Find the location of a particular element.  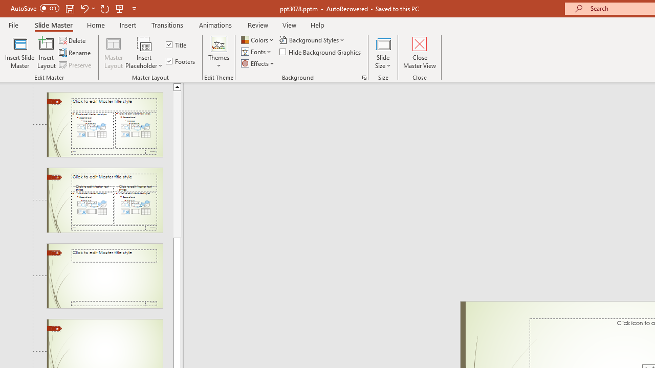

'Format Background...' is located at coordinates (364, 77).